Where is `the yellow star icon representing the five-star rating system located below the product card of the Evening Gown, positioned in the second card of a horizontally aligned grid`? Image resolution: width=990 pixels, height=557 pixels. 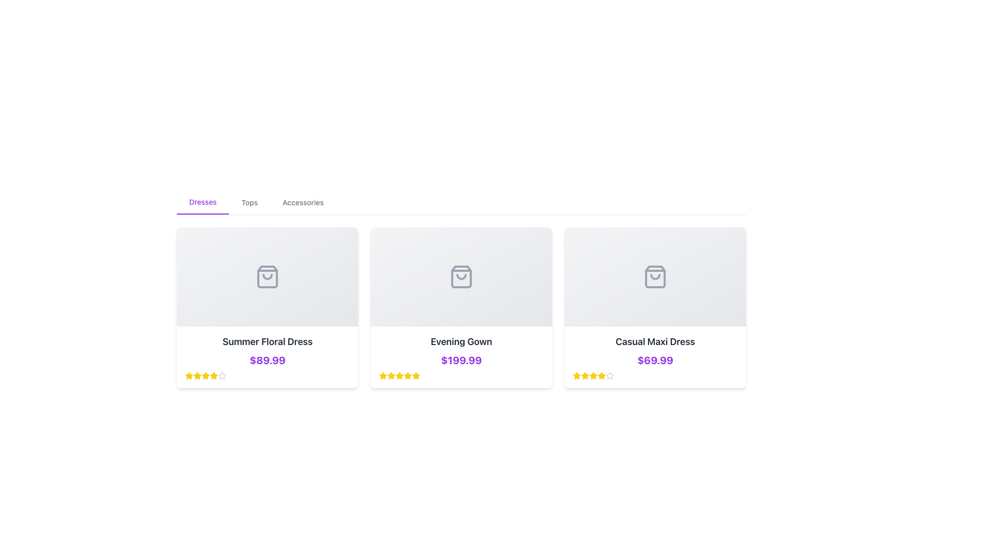 the yellow star icon representing the five-star rating system located below the product card of the Evening Gown, positioned in the second card of a horizontally aligned grid is located at coordinates (383, 375).